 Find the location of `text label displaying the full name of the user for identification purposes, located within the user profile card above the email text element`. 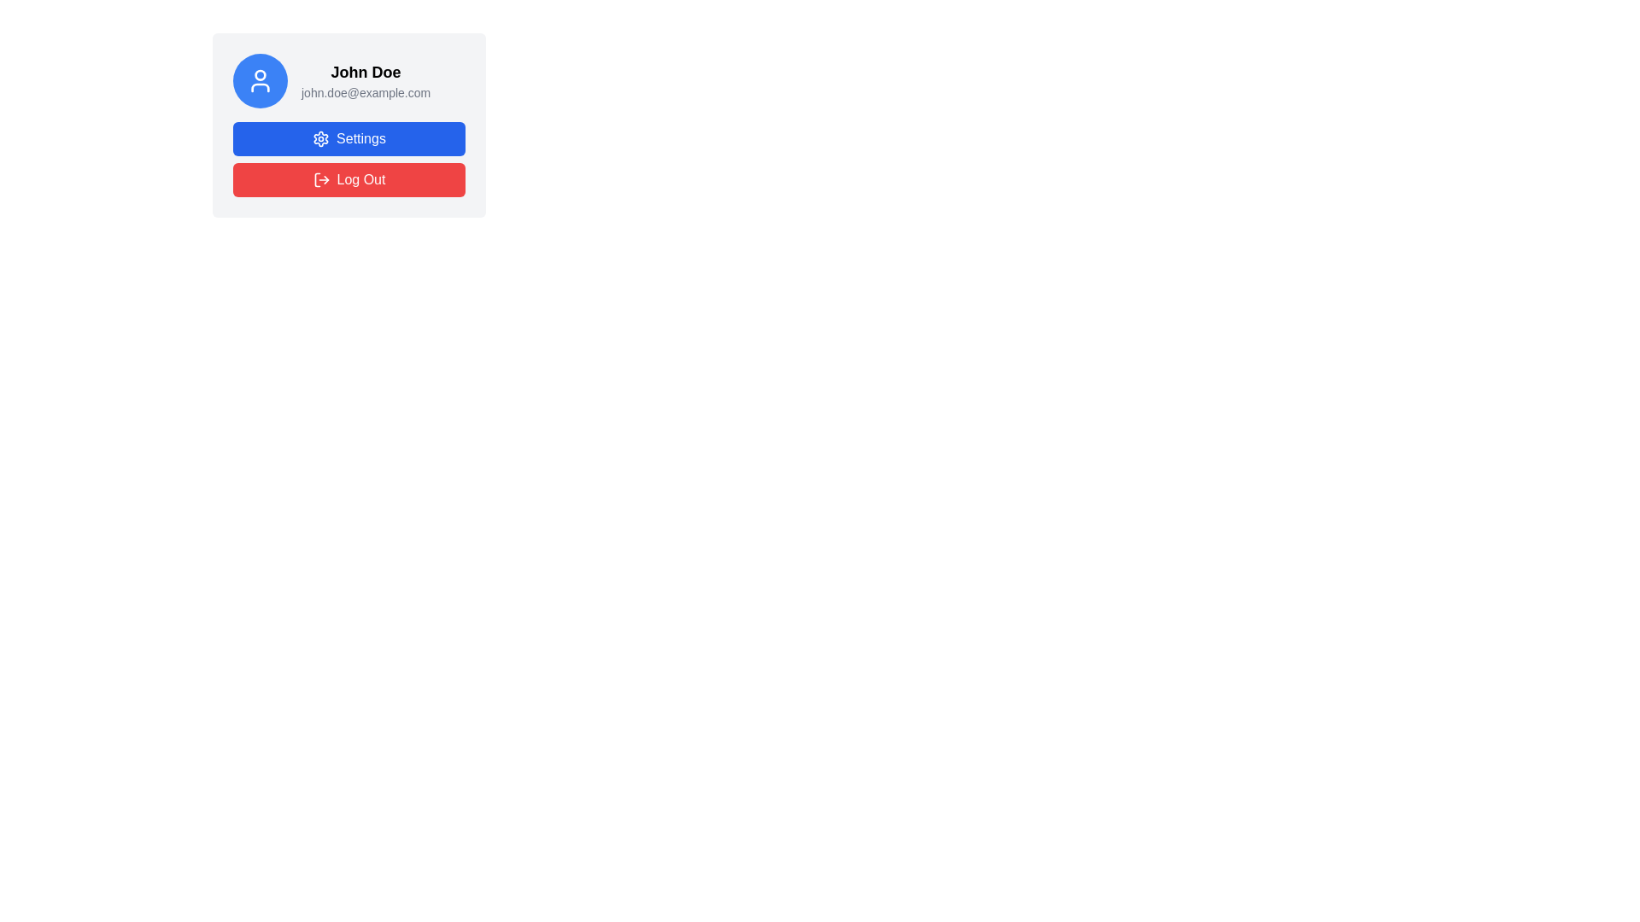

text label displaying the full name of the user for identification purposes, located within the user profile card above the email text element is located at coordinates (365, 71).